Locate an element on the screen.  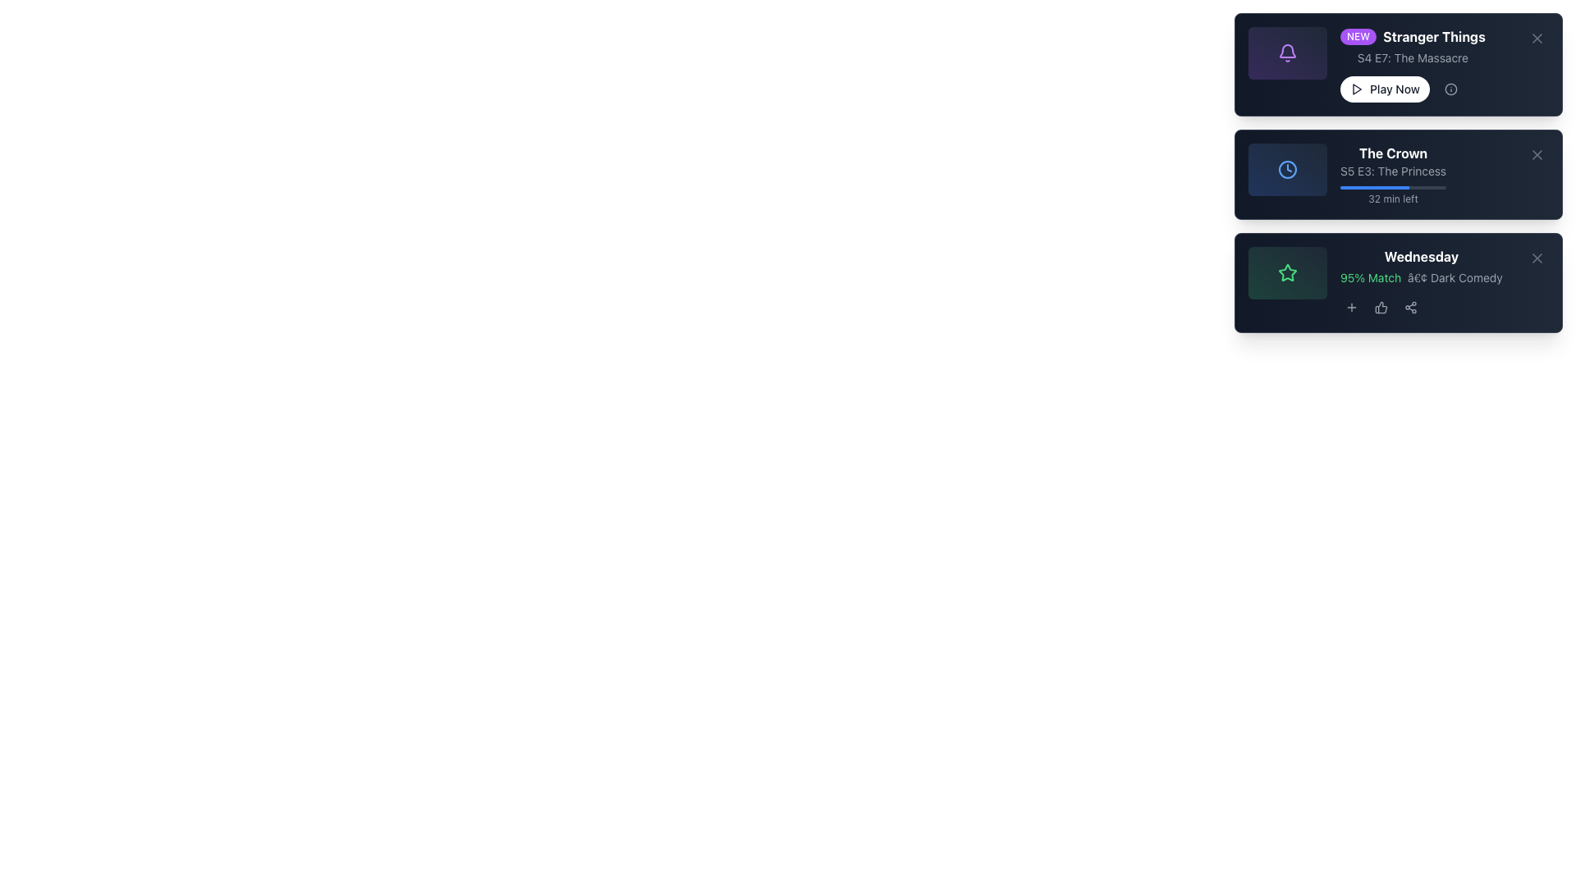
the share icon located at the bottom-right corner of the interface within the 'Wednesday' content card to initiate sharing is located at coordinates (1409, 307).